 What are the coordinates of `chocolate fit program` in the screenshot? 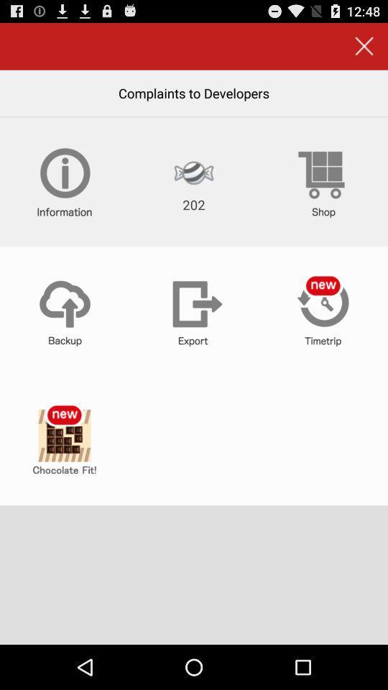 It's located at (64, 440).